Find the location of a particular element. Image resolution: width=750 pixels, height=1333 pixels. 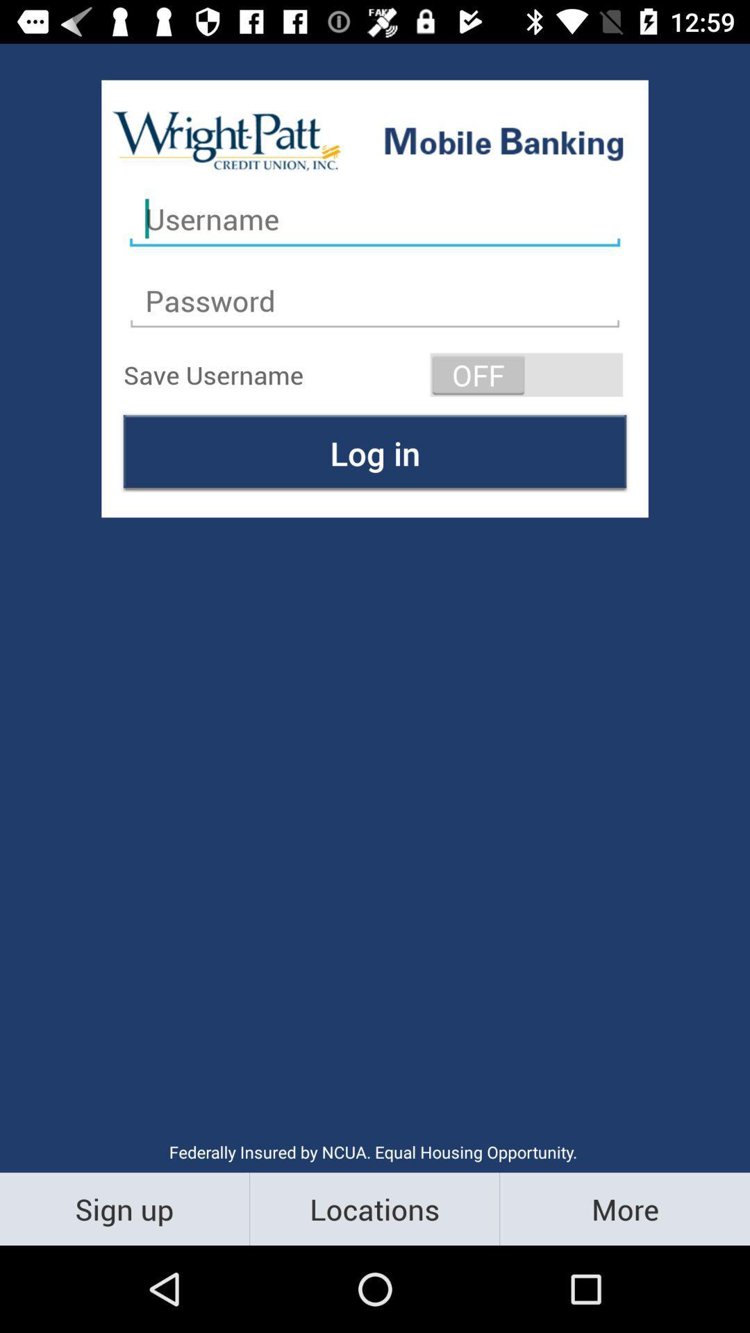

the item next to the save username item is located at coordinates (526, 374).